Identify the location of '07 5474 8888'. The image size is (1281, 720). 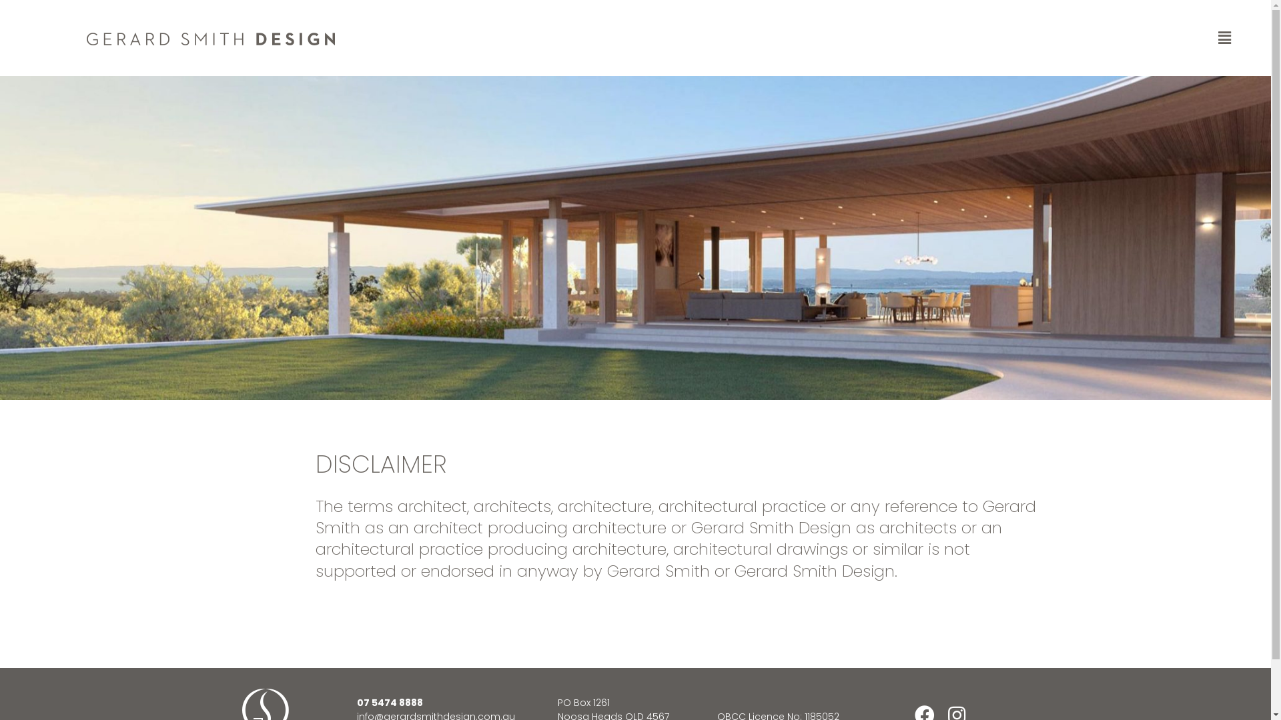
(389, 701).